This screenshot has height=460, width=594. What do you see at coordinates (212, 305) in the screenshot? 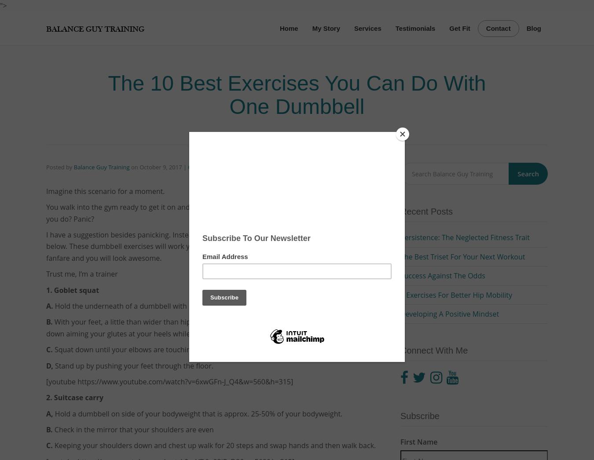
I see `'Hold the underneath of a dumbbell with each hand and holding the dumbbell close to your chest'` at bounding box center [212, 305].